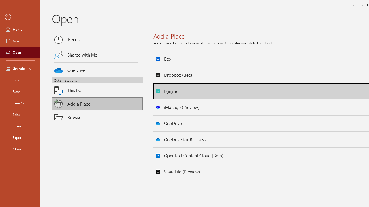 This screenshot has height=207, width=369. What do you see at coordinates (20, 17) in the screenshot?
I see `'Back'` at bounding box center [20, 17].